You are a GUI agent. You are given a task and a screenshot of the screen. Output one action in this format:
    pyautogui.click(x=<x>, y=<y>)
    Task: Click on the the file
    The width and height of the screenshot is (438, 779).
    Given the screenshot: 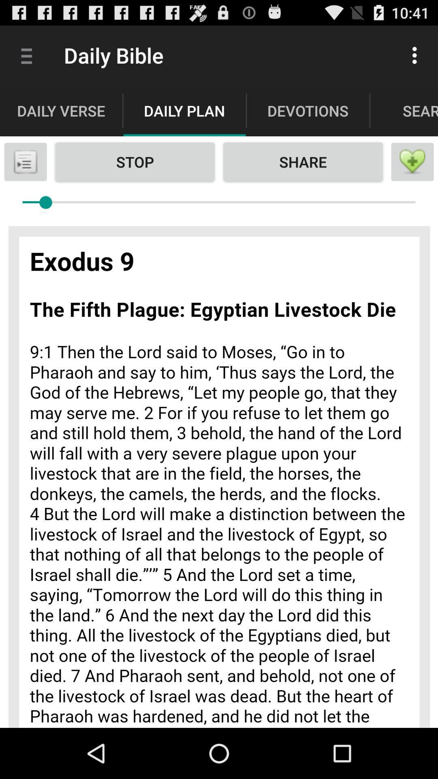 What is the action you would take?
    pyautogui.click(x=25, y=161)
    